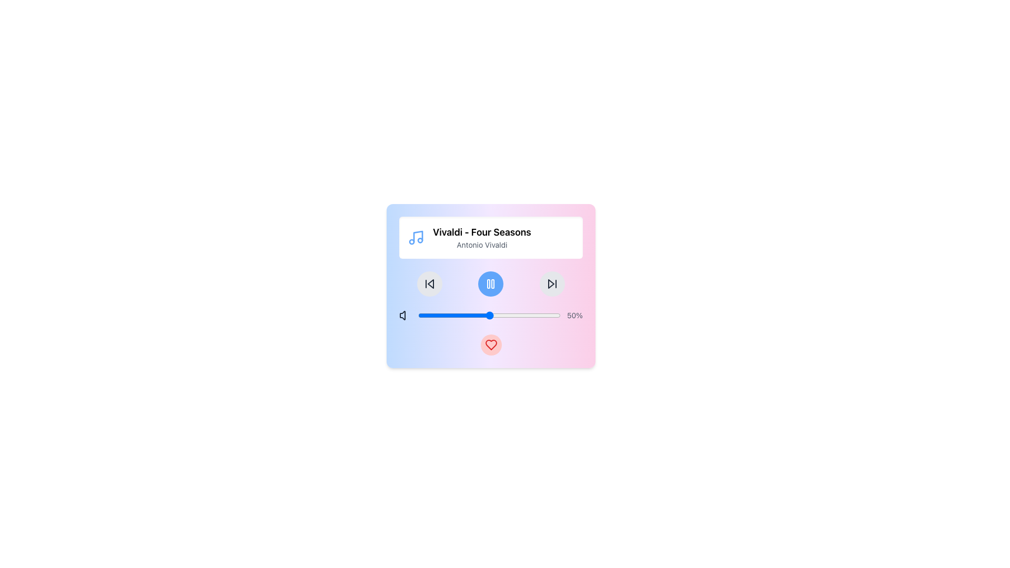 The width and height of the screenshot is (1010, 568). What do you see at coordinates (416, 237) in the screenshot?
I see `the musical item icon located in the top-left section of the UI, which is positioned to the left of the title 'Vivaldi - Four Seasons' and above the subtitle 'Antonio Vivaldi'` at bounding box center [416, 237].